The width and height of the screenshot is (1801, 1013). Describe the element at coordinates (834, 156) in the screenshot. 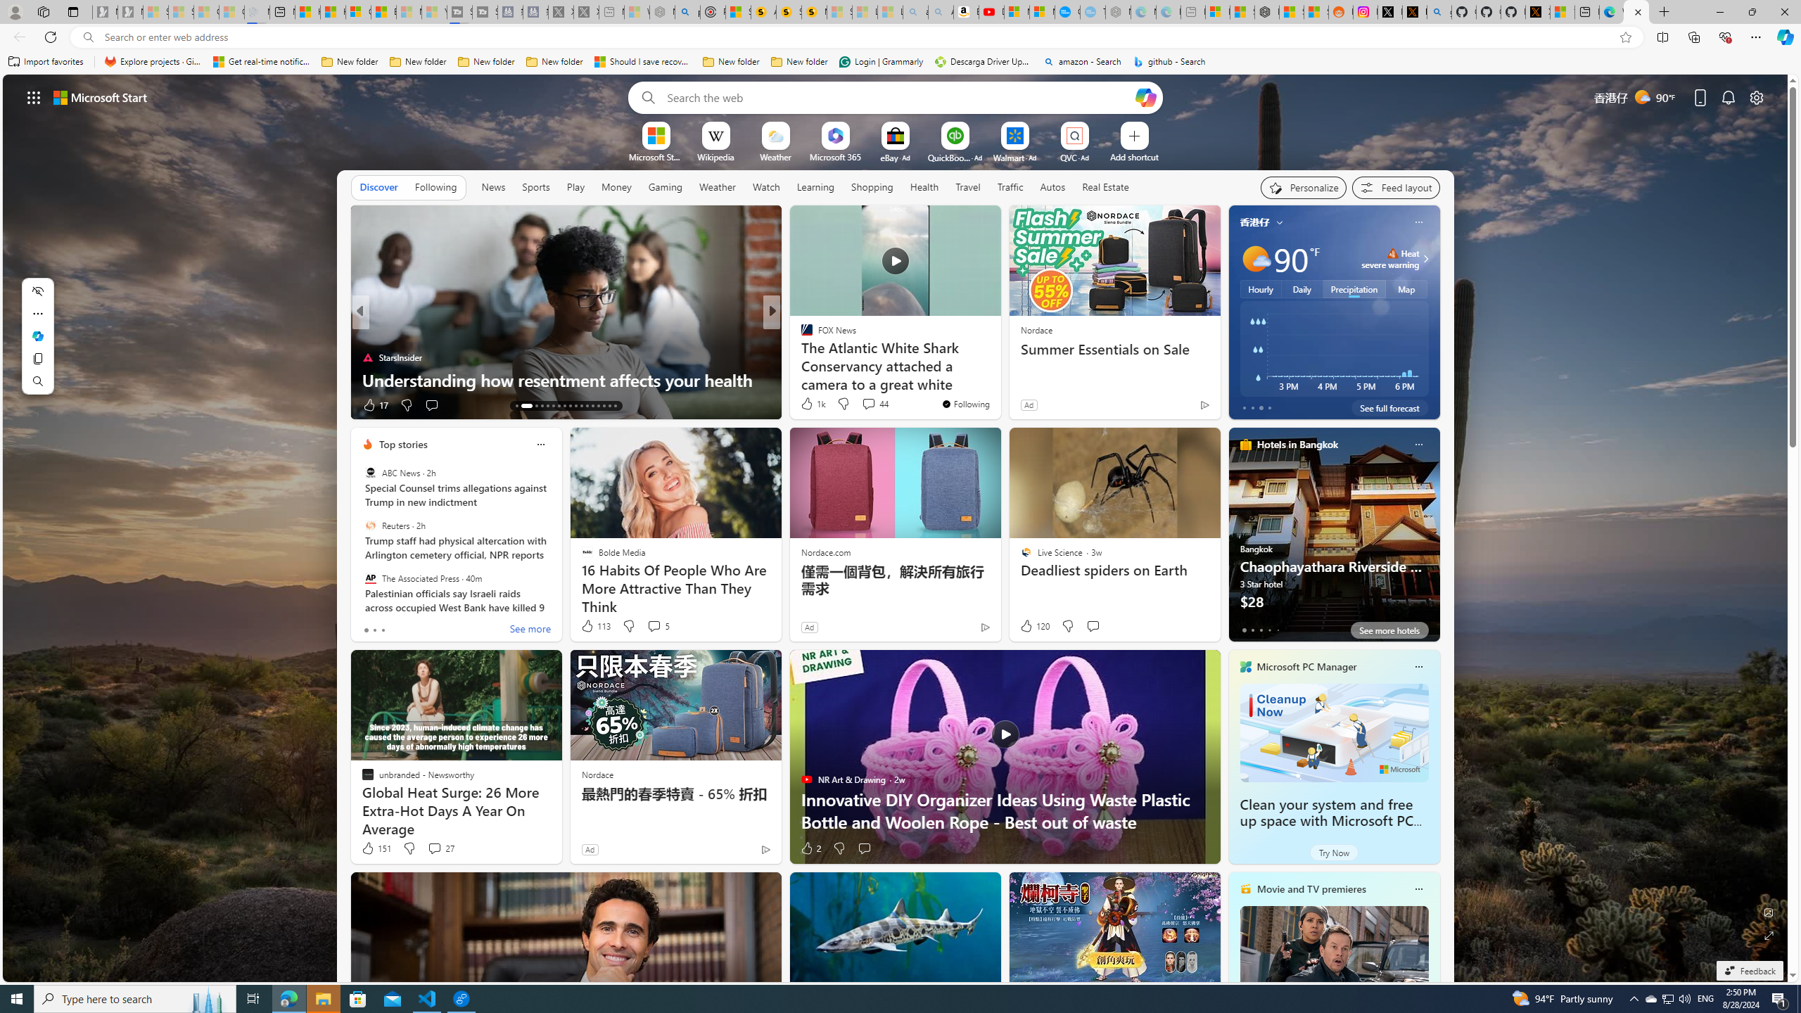

I see `'Microsoft 365'` at that location.